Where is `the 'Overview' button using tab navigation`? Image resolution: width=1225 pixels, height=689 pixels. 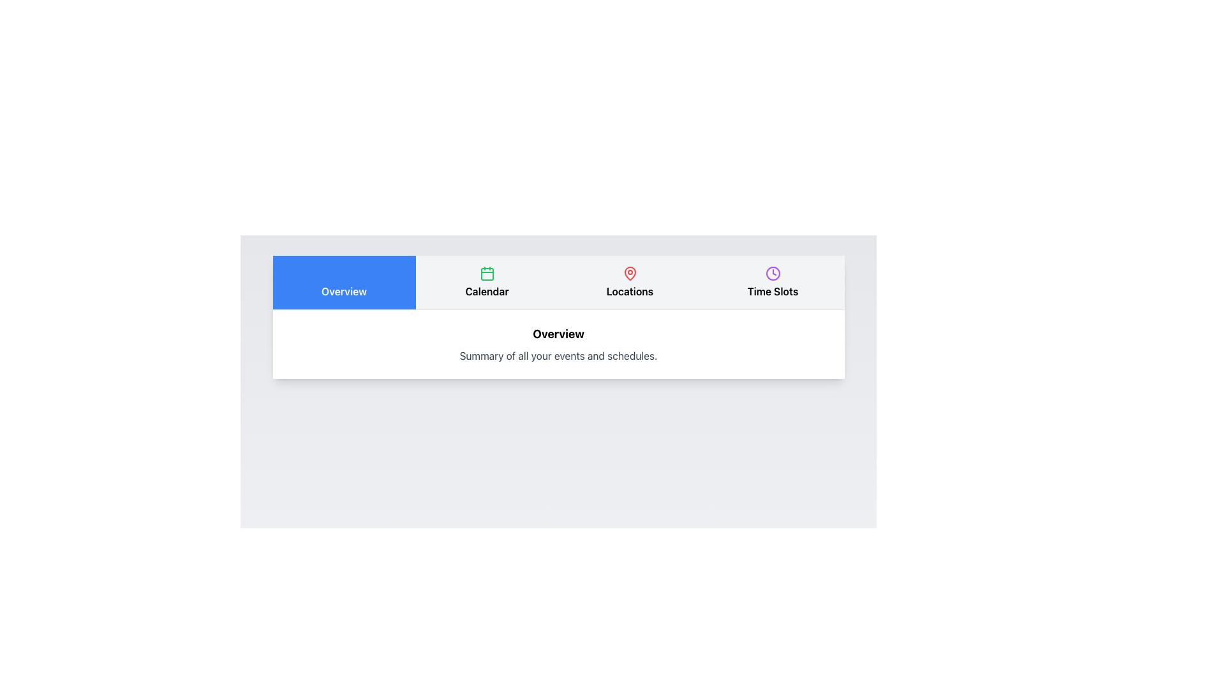 the 'Overview' button using tab navigation is located at coordinates (344, 282).